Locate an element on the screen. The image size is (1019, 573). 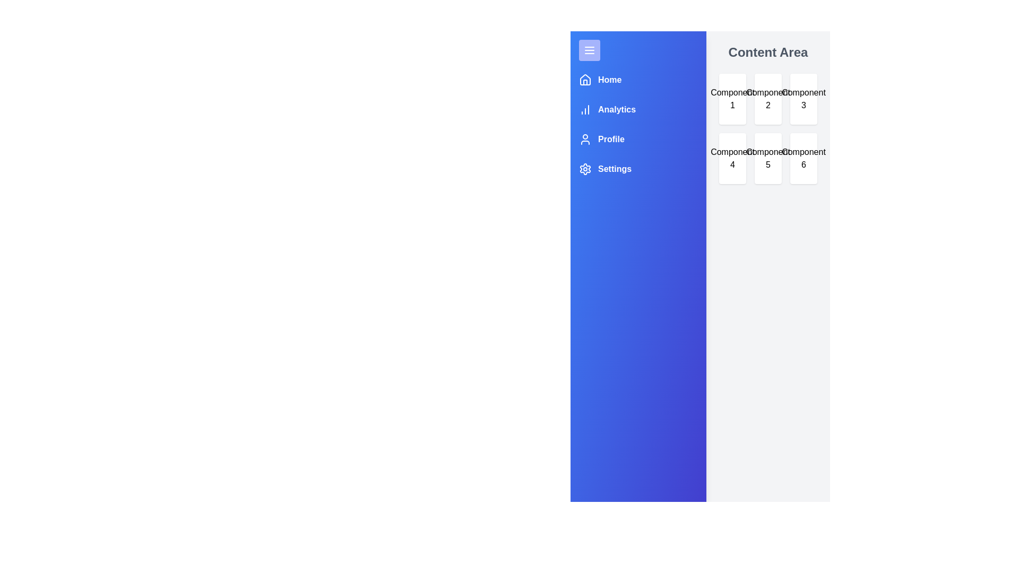
the navigation menu item Home is located at coordinates (600, 79).